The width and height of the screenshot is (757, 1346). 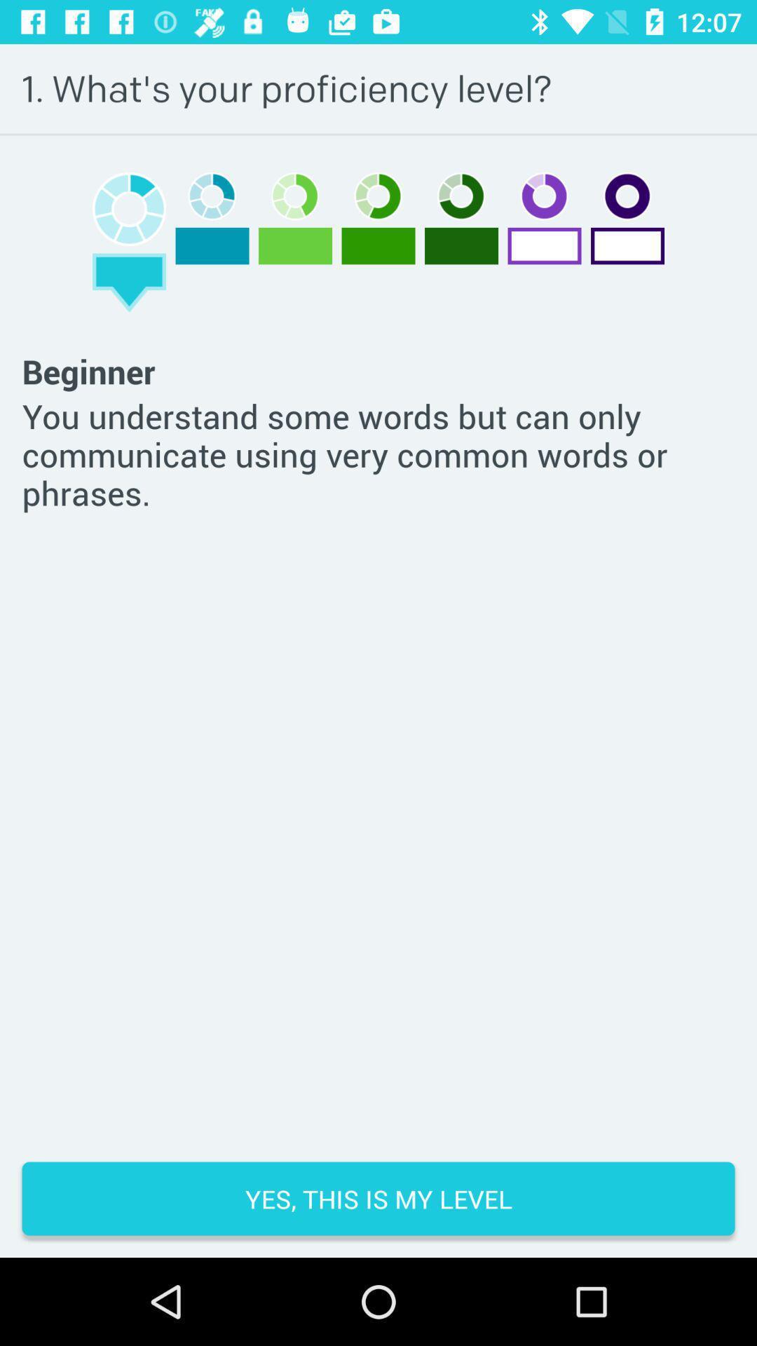 I want to click on the yes this is item, so click(x=378, y=1197).